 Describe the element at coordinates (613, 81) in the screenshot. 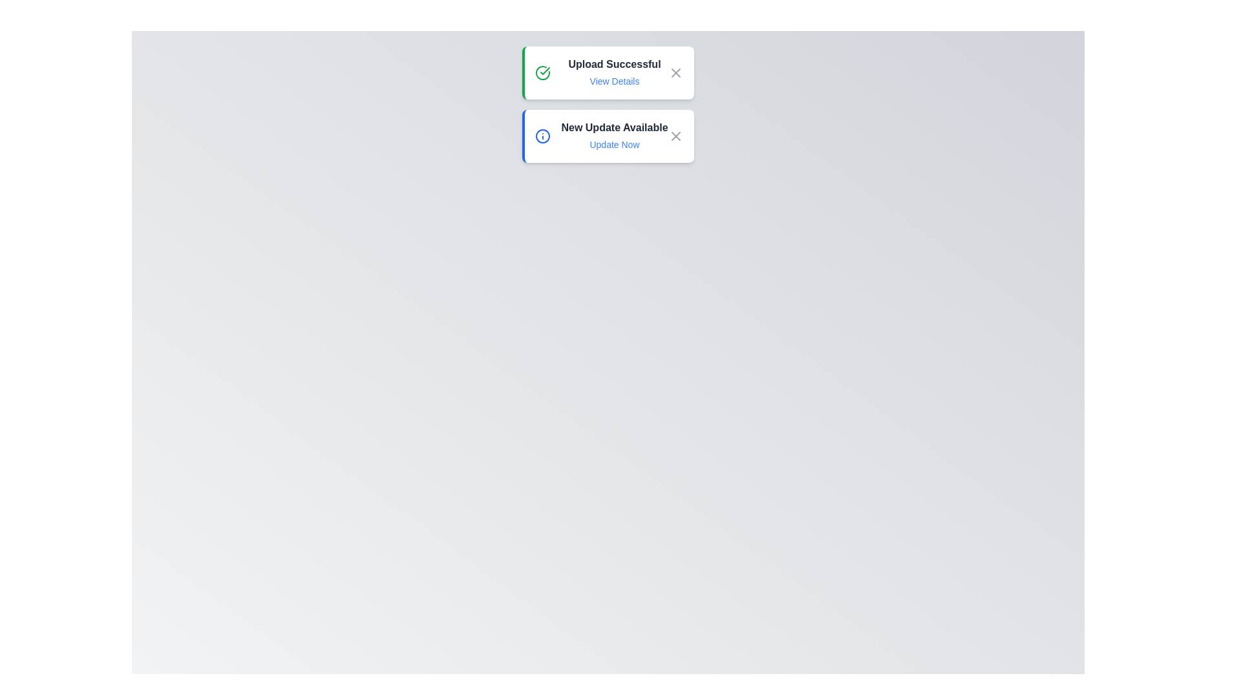

I see `the View Details button to perform the associated action` at that location.